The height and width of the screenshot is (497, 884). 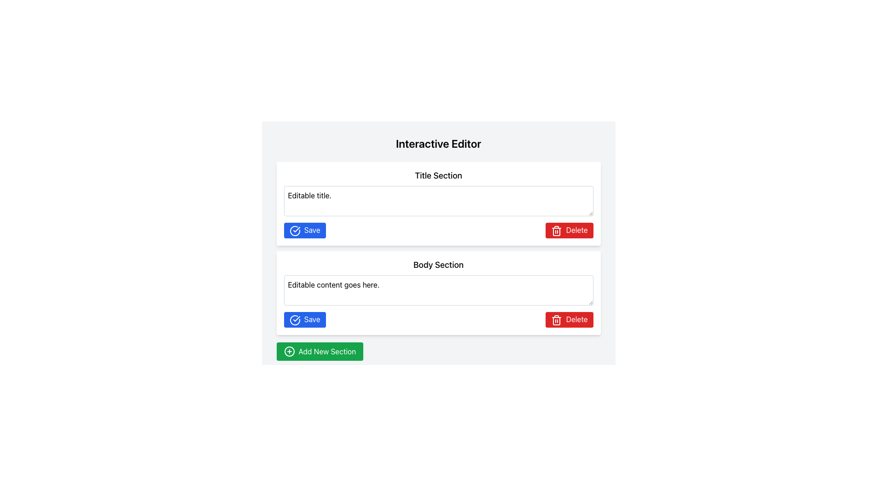 I want to click on the circular green icon with a white plus sign located within the 'Add New Section' button at the bottom-center of the interface, so click(x=289, y=351).